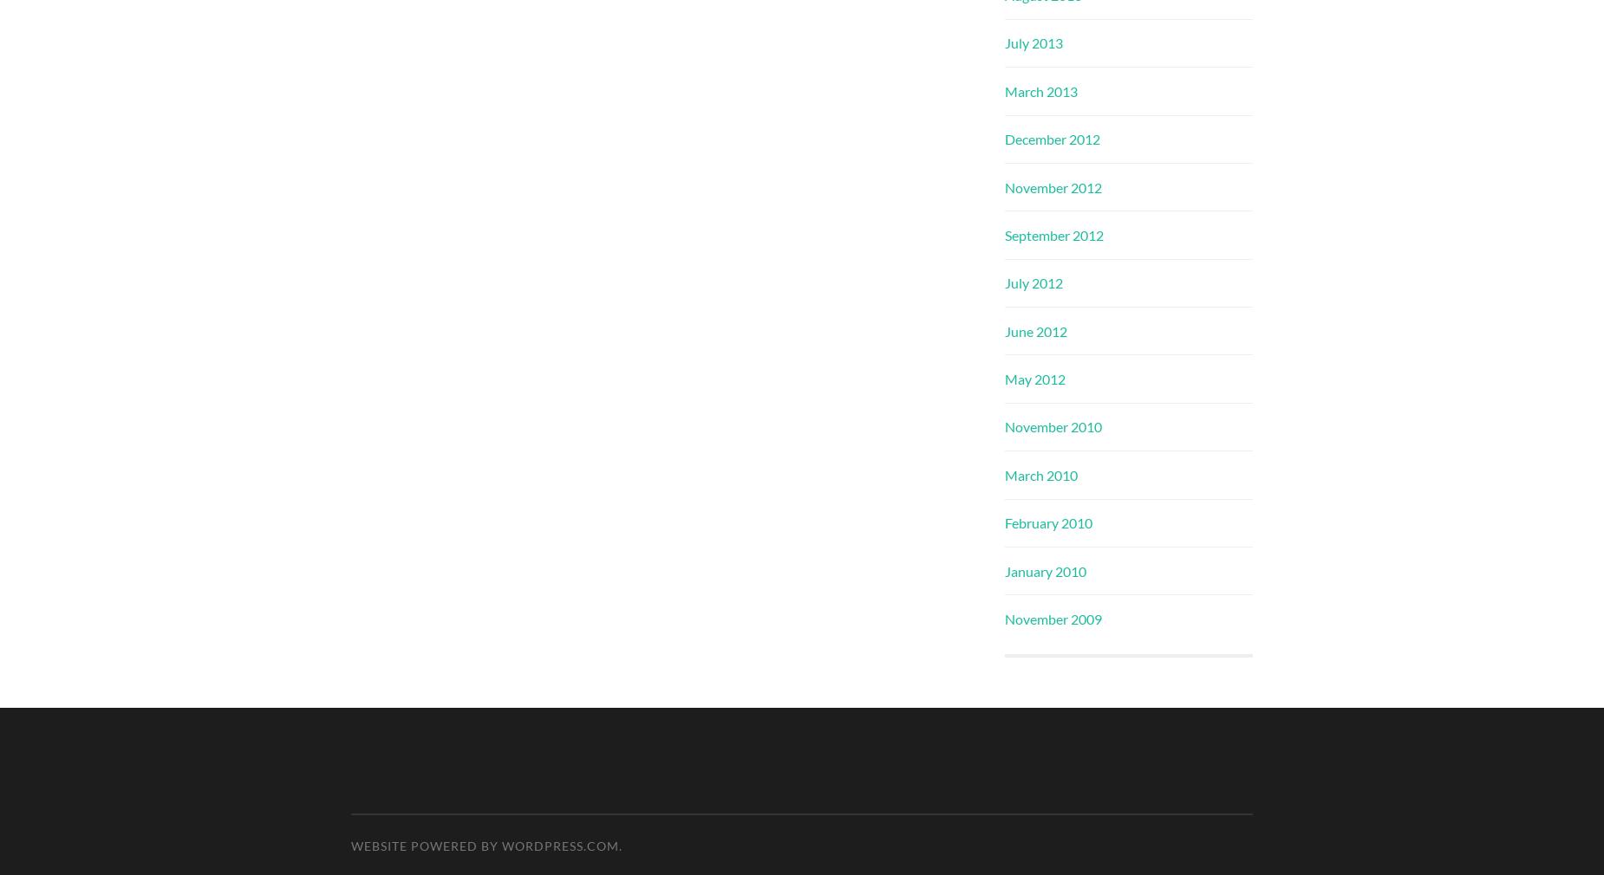 The width and height of the screenshot is (1604, 875). I want to click on 'Website Powered by WordPress.com', so click(485, 846).